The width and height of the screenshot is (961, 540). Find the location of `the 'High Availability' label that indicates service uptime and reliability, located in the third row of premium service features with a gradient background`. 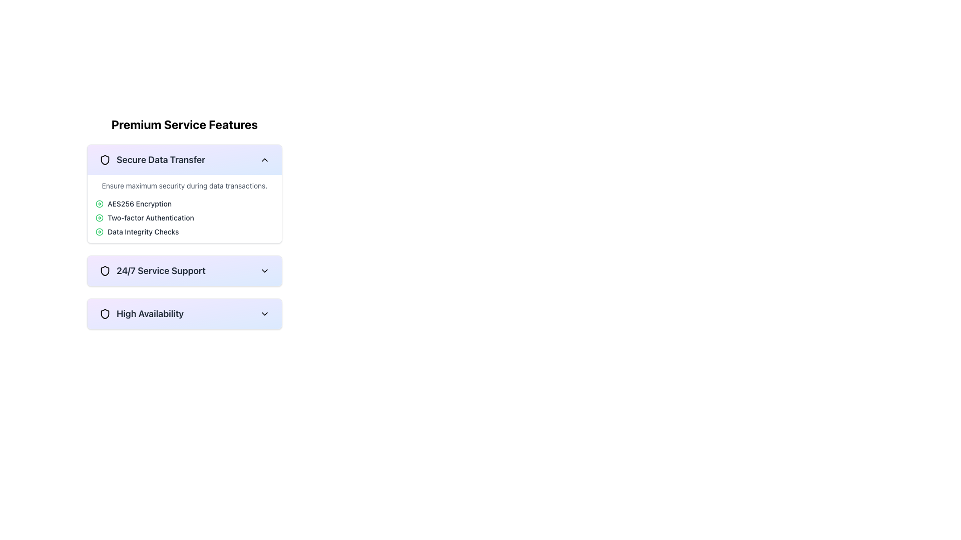

the 'High Availability' label that indicates service uptime and reliability, located in the third row of premium service features with a gradient background is located at coordinates (141, 313).